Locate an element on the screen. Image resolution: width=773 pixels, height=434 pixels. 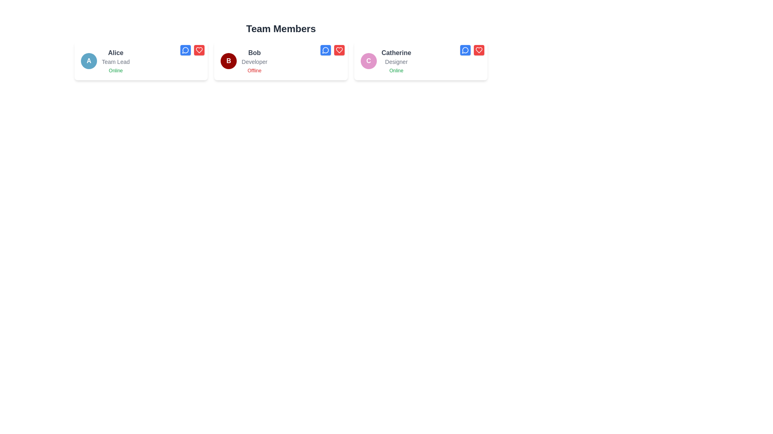
the messaging icon button located at the top-right corner of 'Alice' user's card is located at coordinates (465, 50).